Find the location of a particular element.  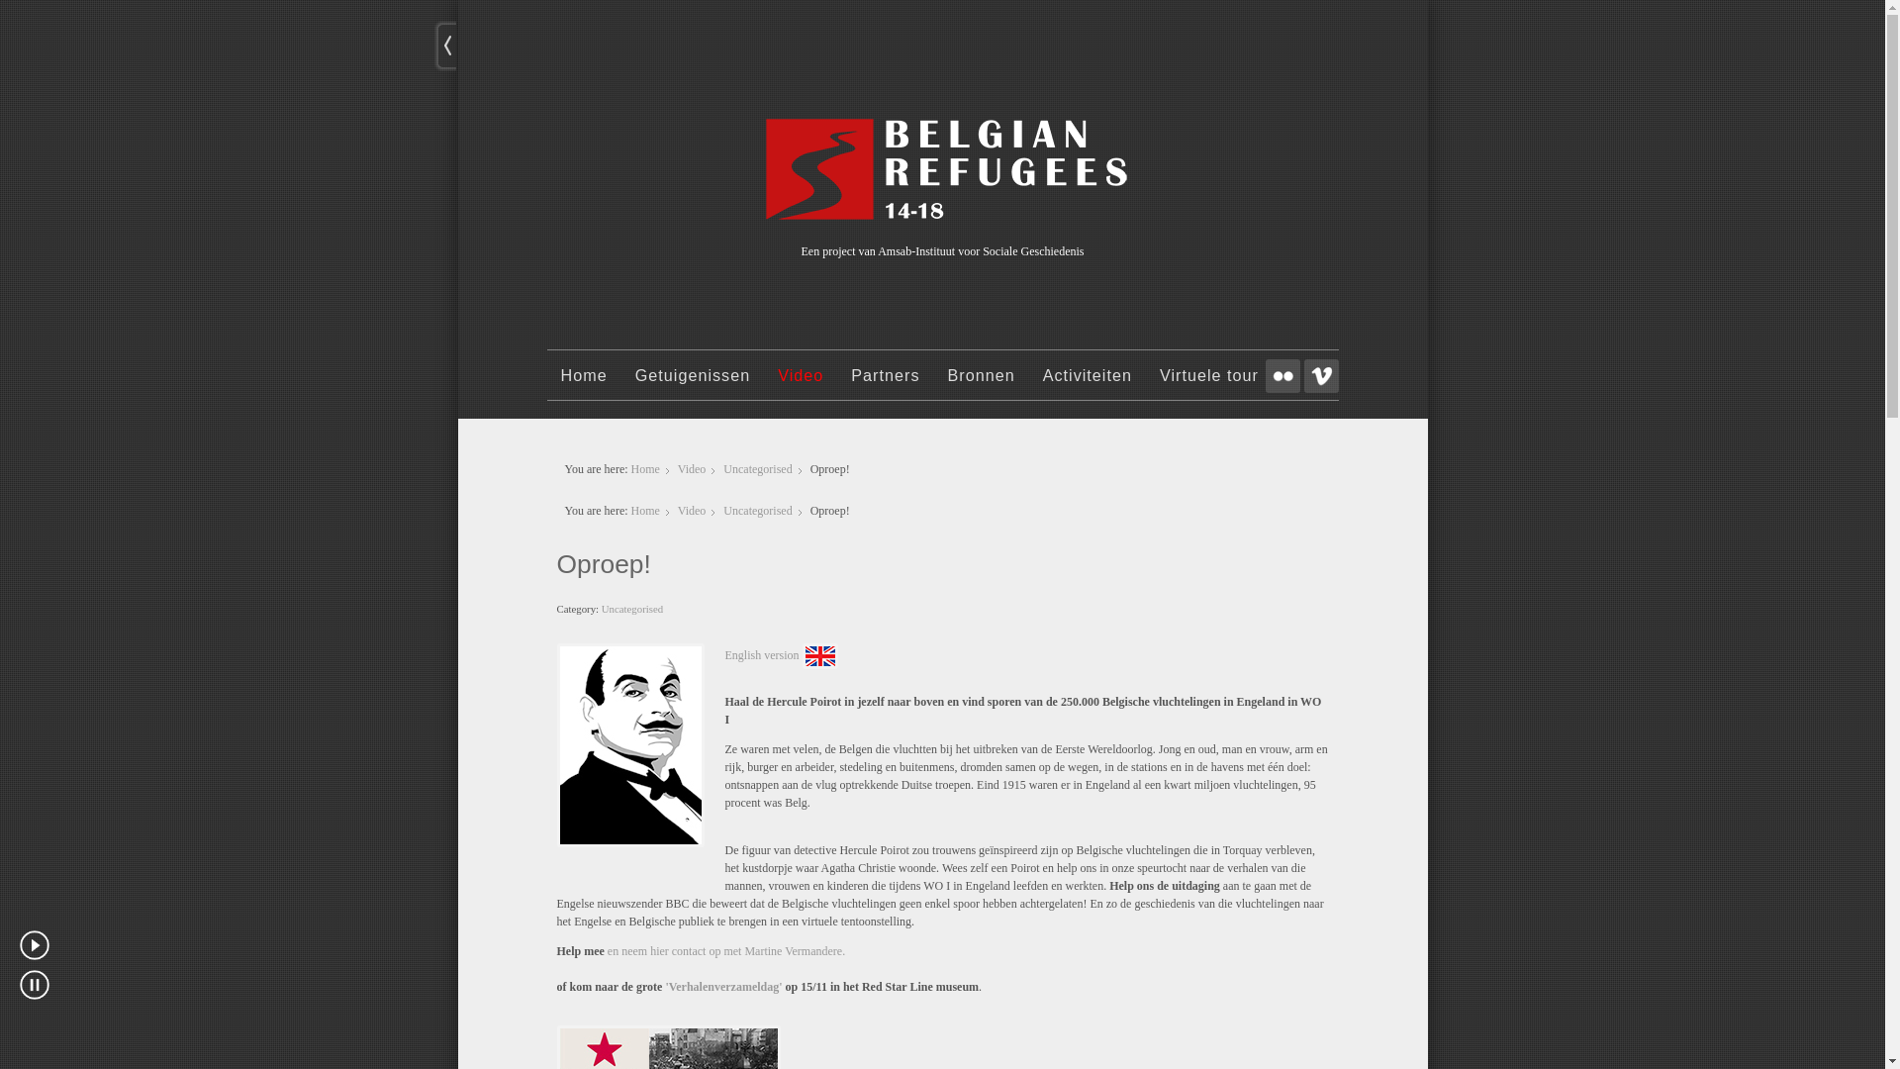

'Getuigenissen' is located at coordinates (693, 384).